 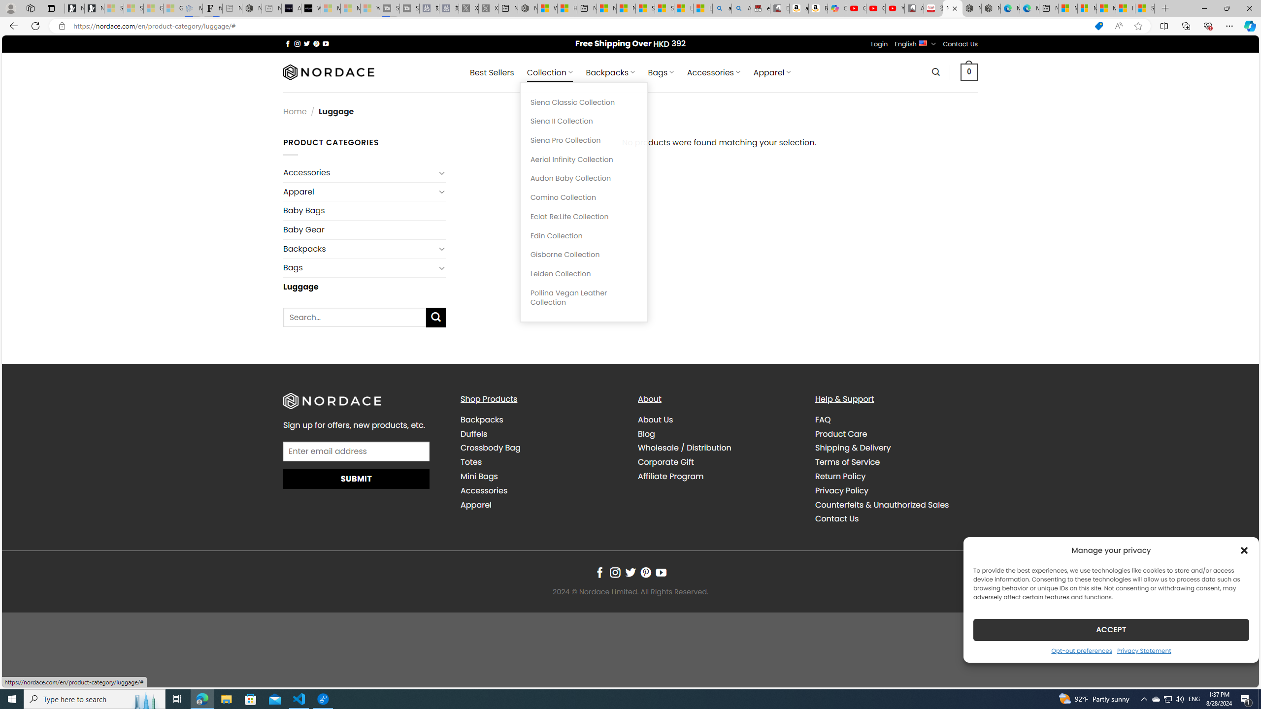 What do you see at coordinates (722, 8) in the screenshot?
I see `'amazon - Search'` at bounding box center [722, 8].